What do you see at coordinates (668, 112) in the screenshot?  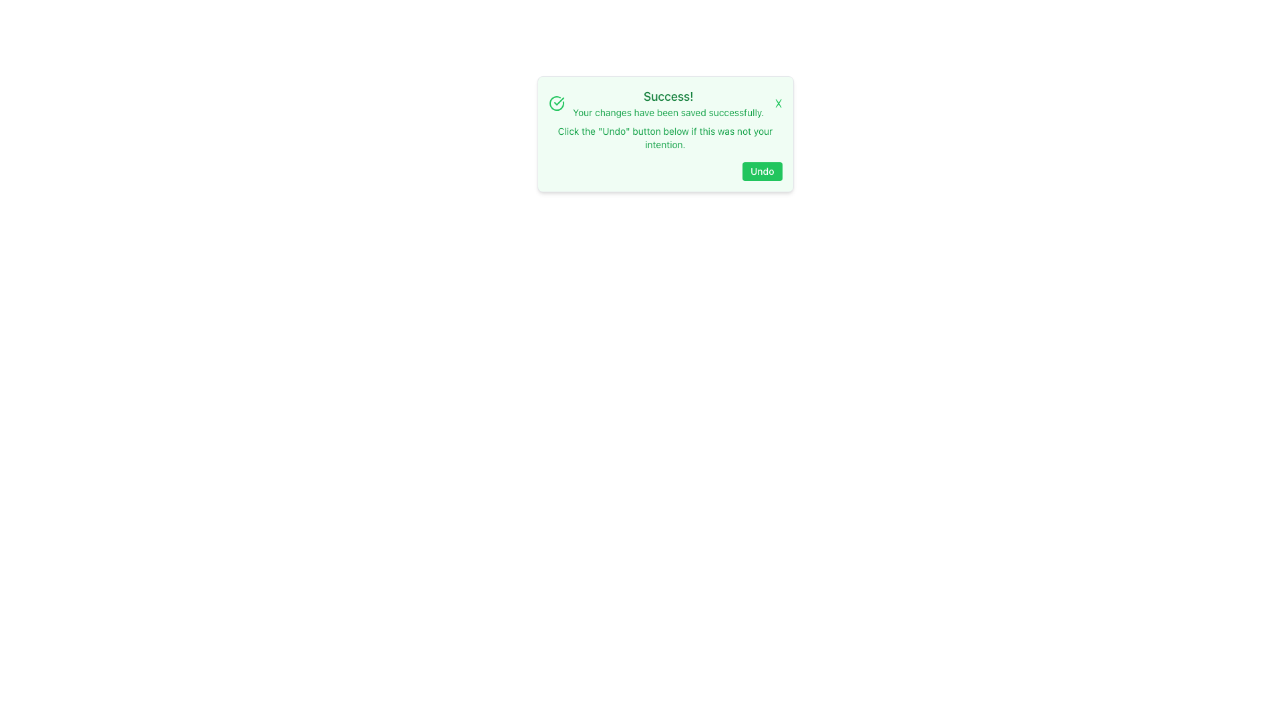 I see `static text message 'Your changes have been saved successfully.' displayed in green color within the notification card, located centrally below the header 'Success!'` at bounding box center [668, 112].